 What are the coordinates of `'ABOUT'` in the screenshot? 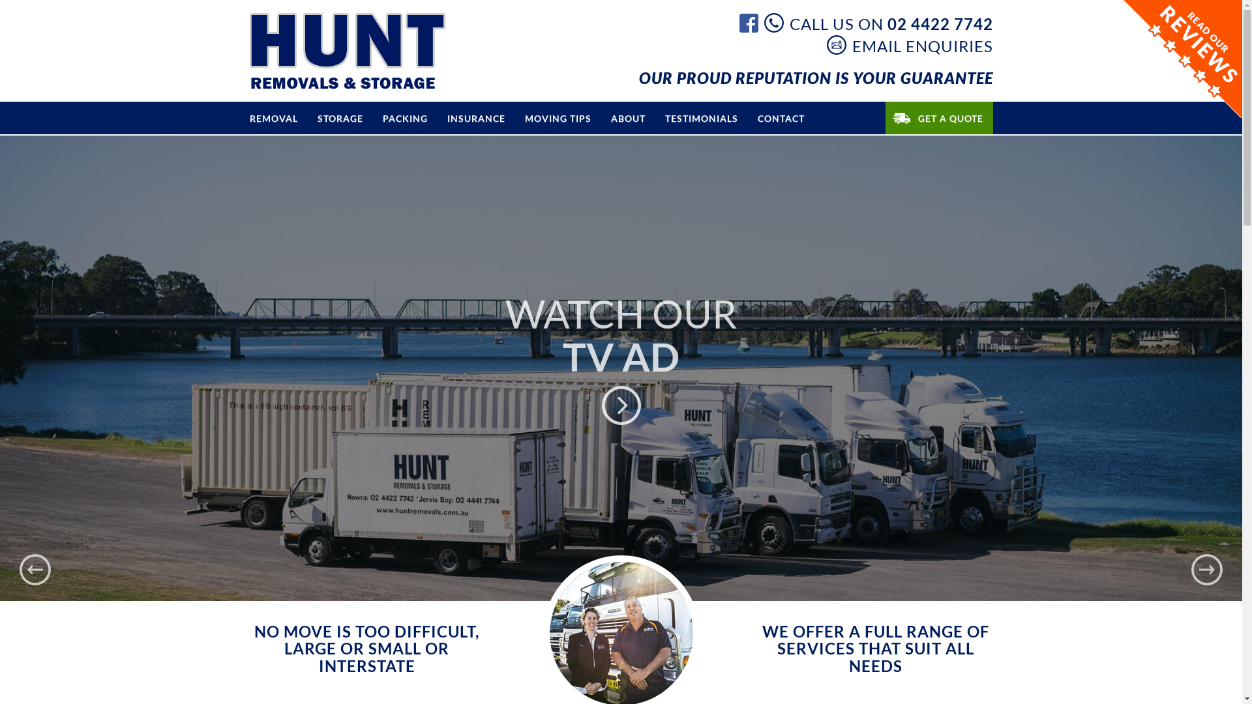 It's located at (628, 118).